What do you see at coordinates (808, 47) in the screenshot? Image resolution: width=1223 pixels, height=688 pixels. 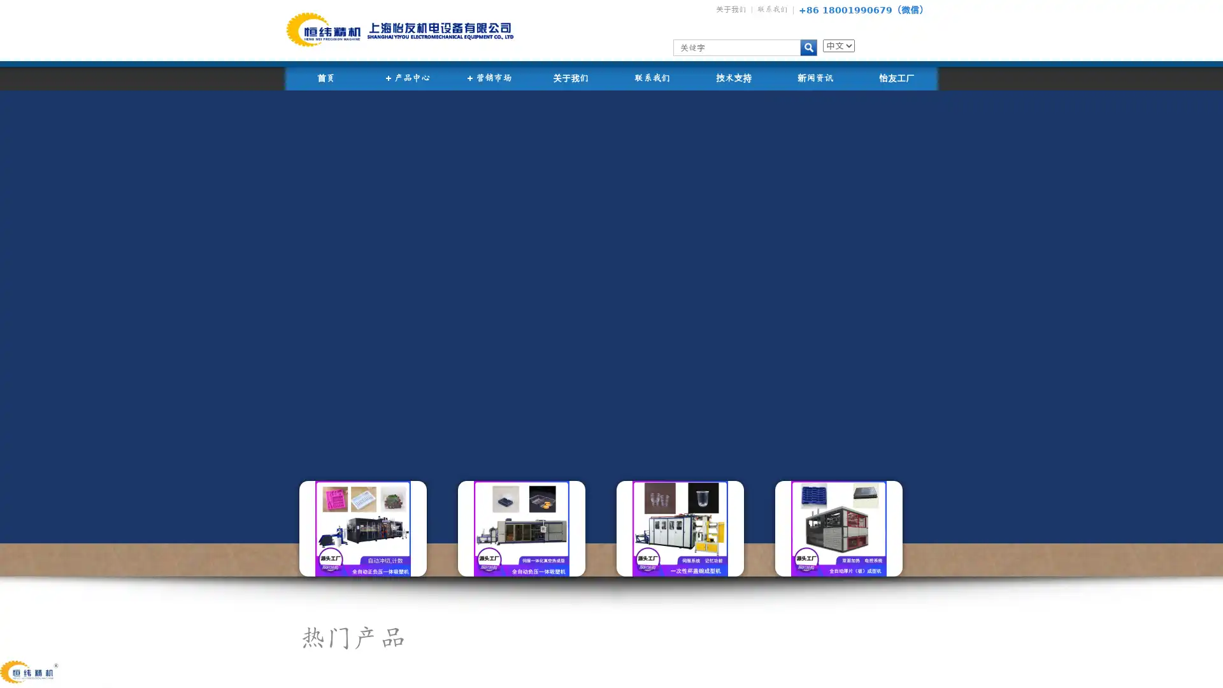 I see `search` at bounding box center [808, 47].